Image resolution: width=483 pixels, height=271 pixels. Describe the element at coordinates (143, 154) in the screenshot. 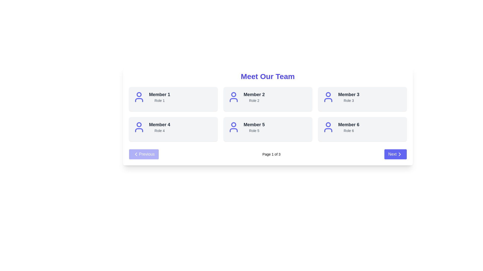

I see `the previous button in the pagination navigation bar located at the bottom-left corner` at that location.